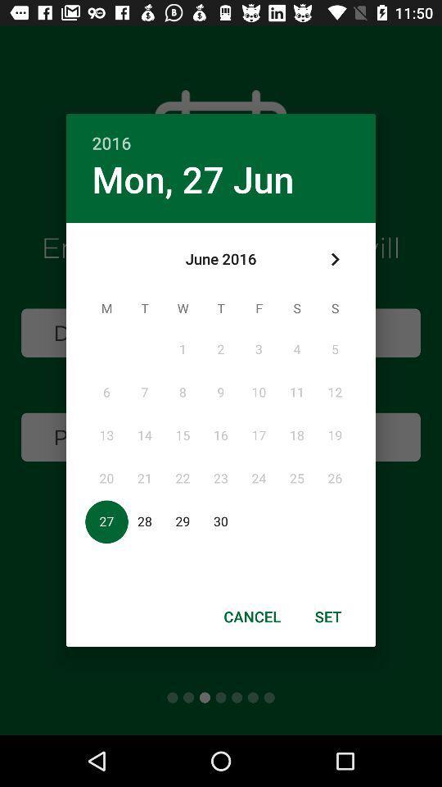  What do you see at coordinates (221, 133) in the screenshot?
I see `2016 icon` at bounding box center [221, 133].